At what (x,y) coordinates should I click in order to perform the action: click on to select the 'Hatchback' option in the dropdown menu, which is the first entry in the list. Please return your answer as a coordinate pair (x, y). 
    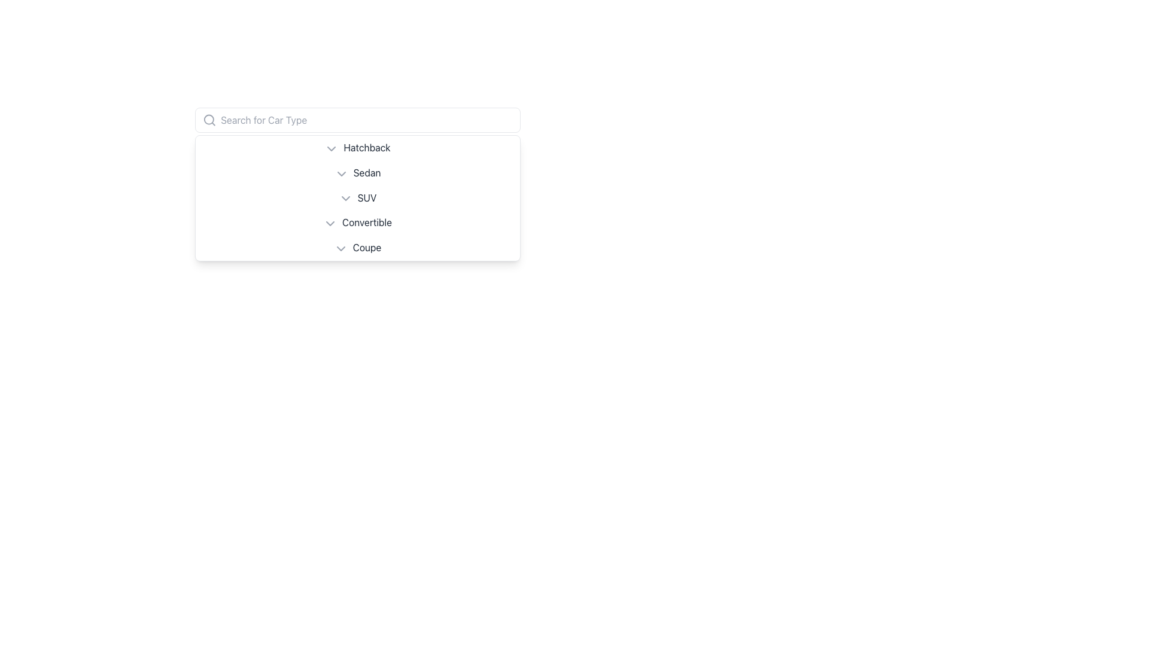
    Looking at the image, I should click on (357, 147).